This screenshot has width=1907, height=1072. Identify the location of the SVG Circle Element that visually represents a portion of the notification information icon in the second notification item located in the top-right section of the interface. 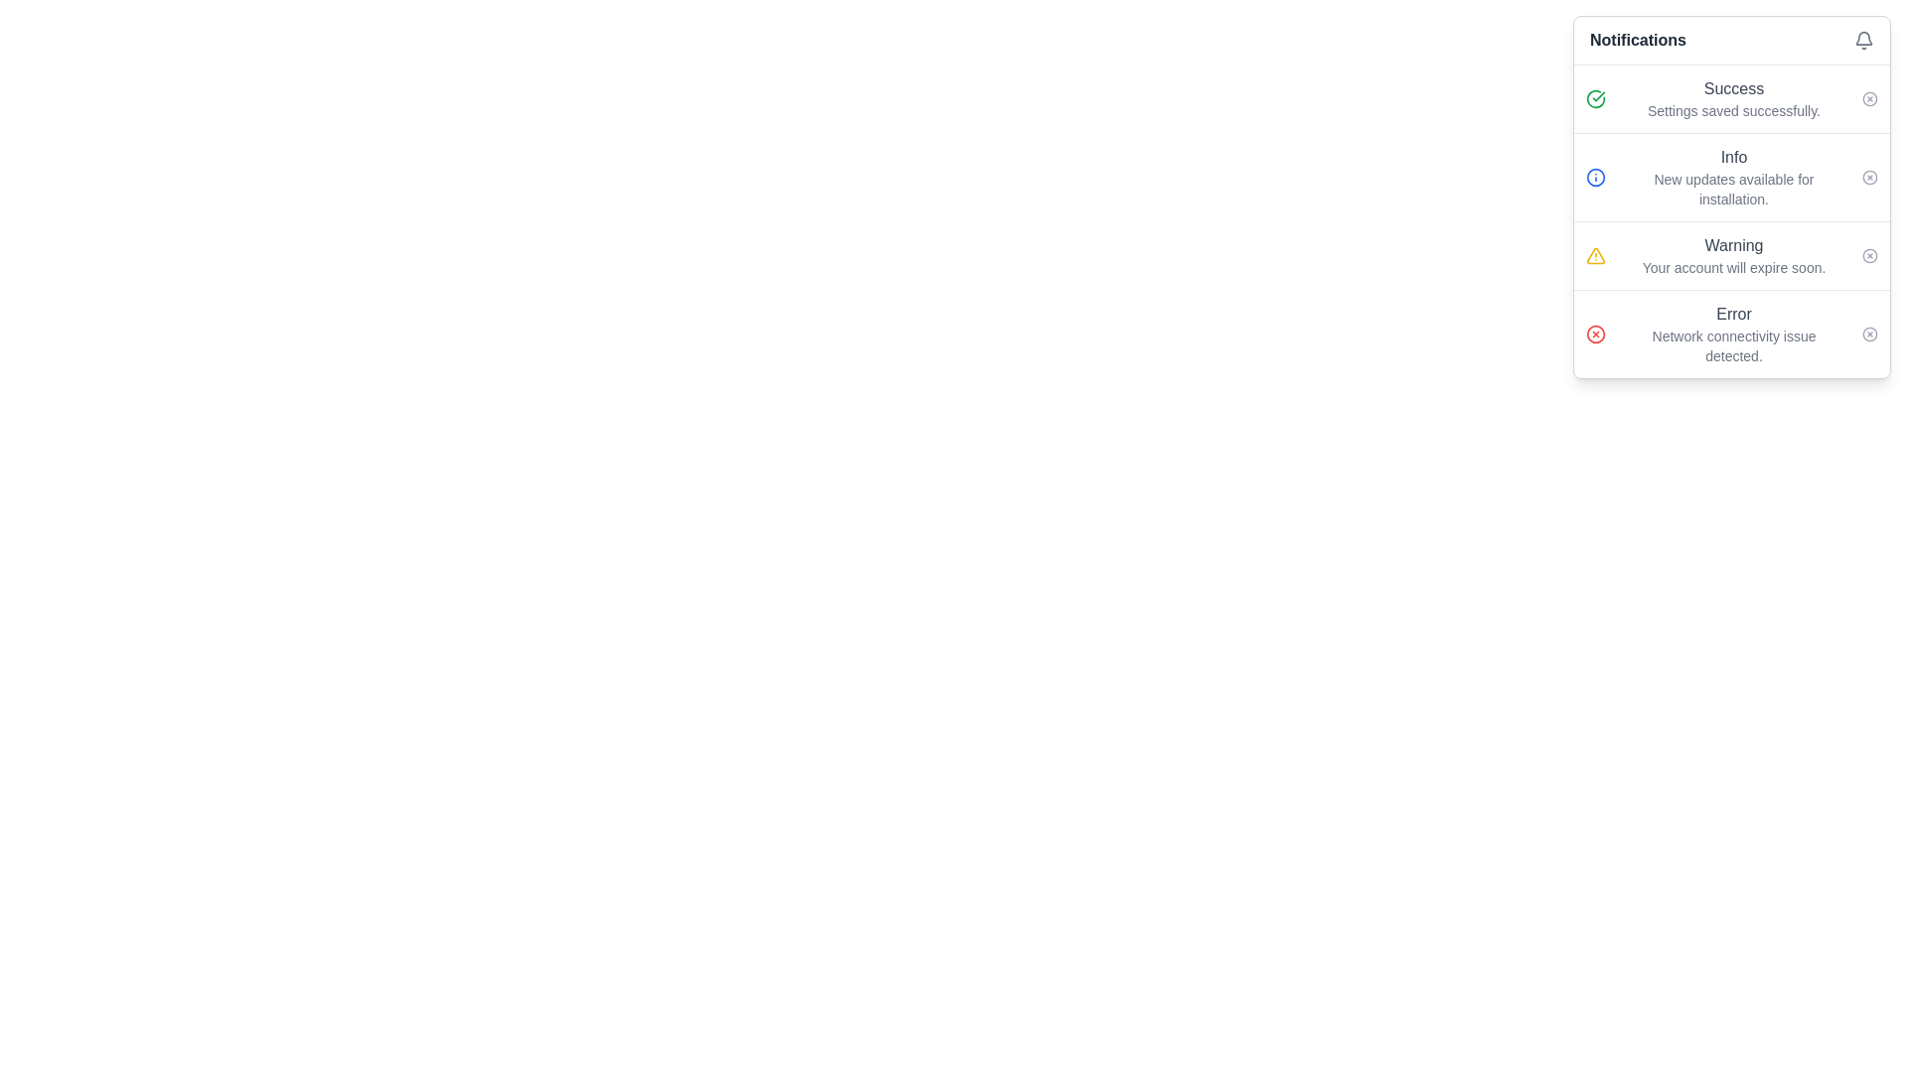
(1596, 176).